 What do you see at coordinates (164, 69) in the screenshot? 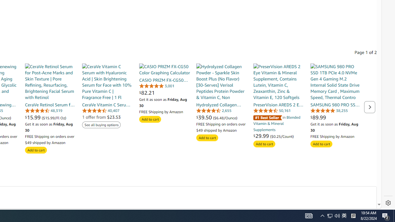
I see `'CASIO PRIZM FX-CG50 Color Graphing Calculator'` at bounding box center [164, 69].